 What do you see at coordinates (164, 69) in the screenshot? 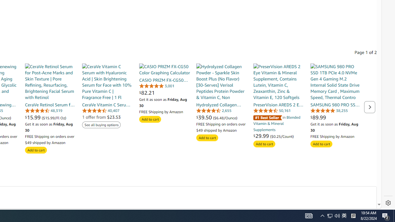
I see `'CASIO PRIZM FX-CG50 Color Graphing Calculator'` at bounding box center [164, 69].